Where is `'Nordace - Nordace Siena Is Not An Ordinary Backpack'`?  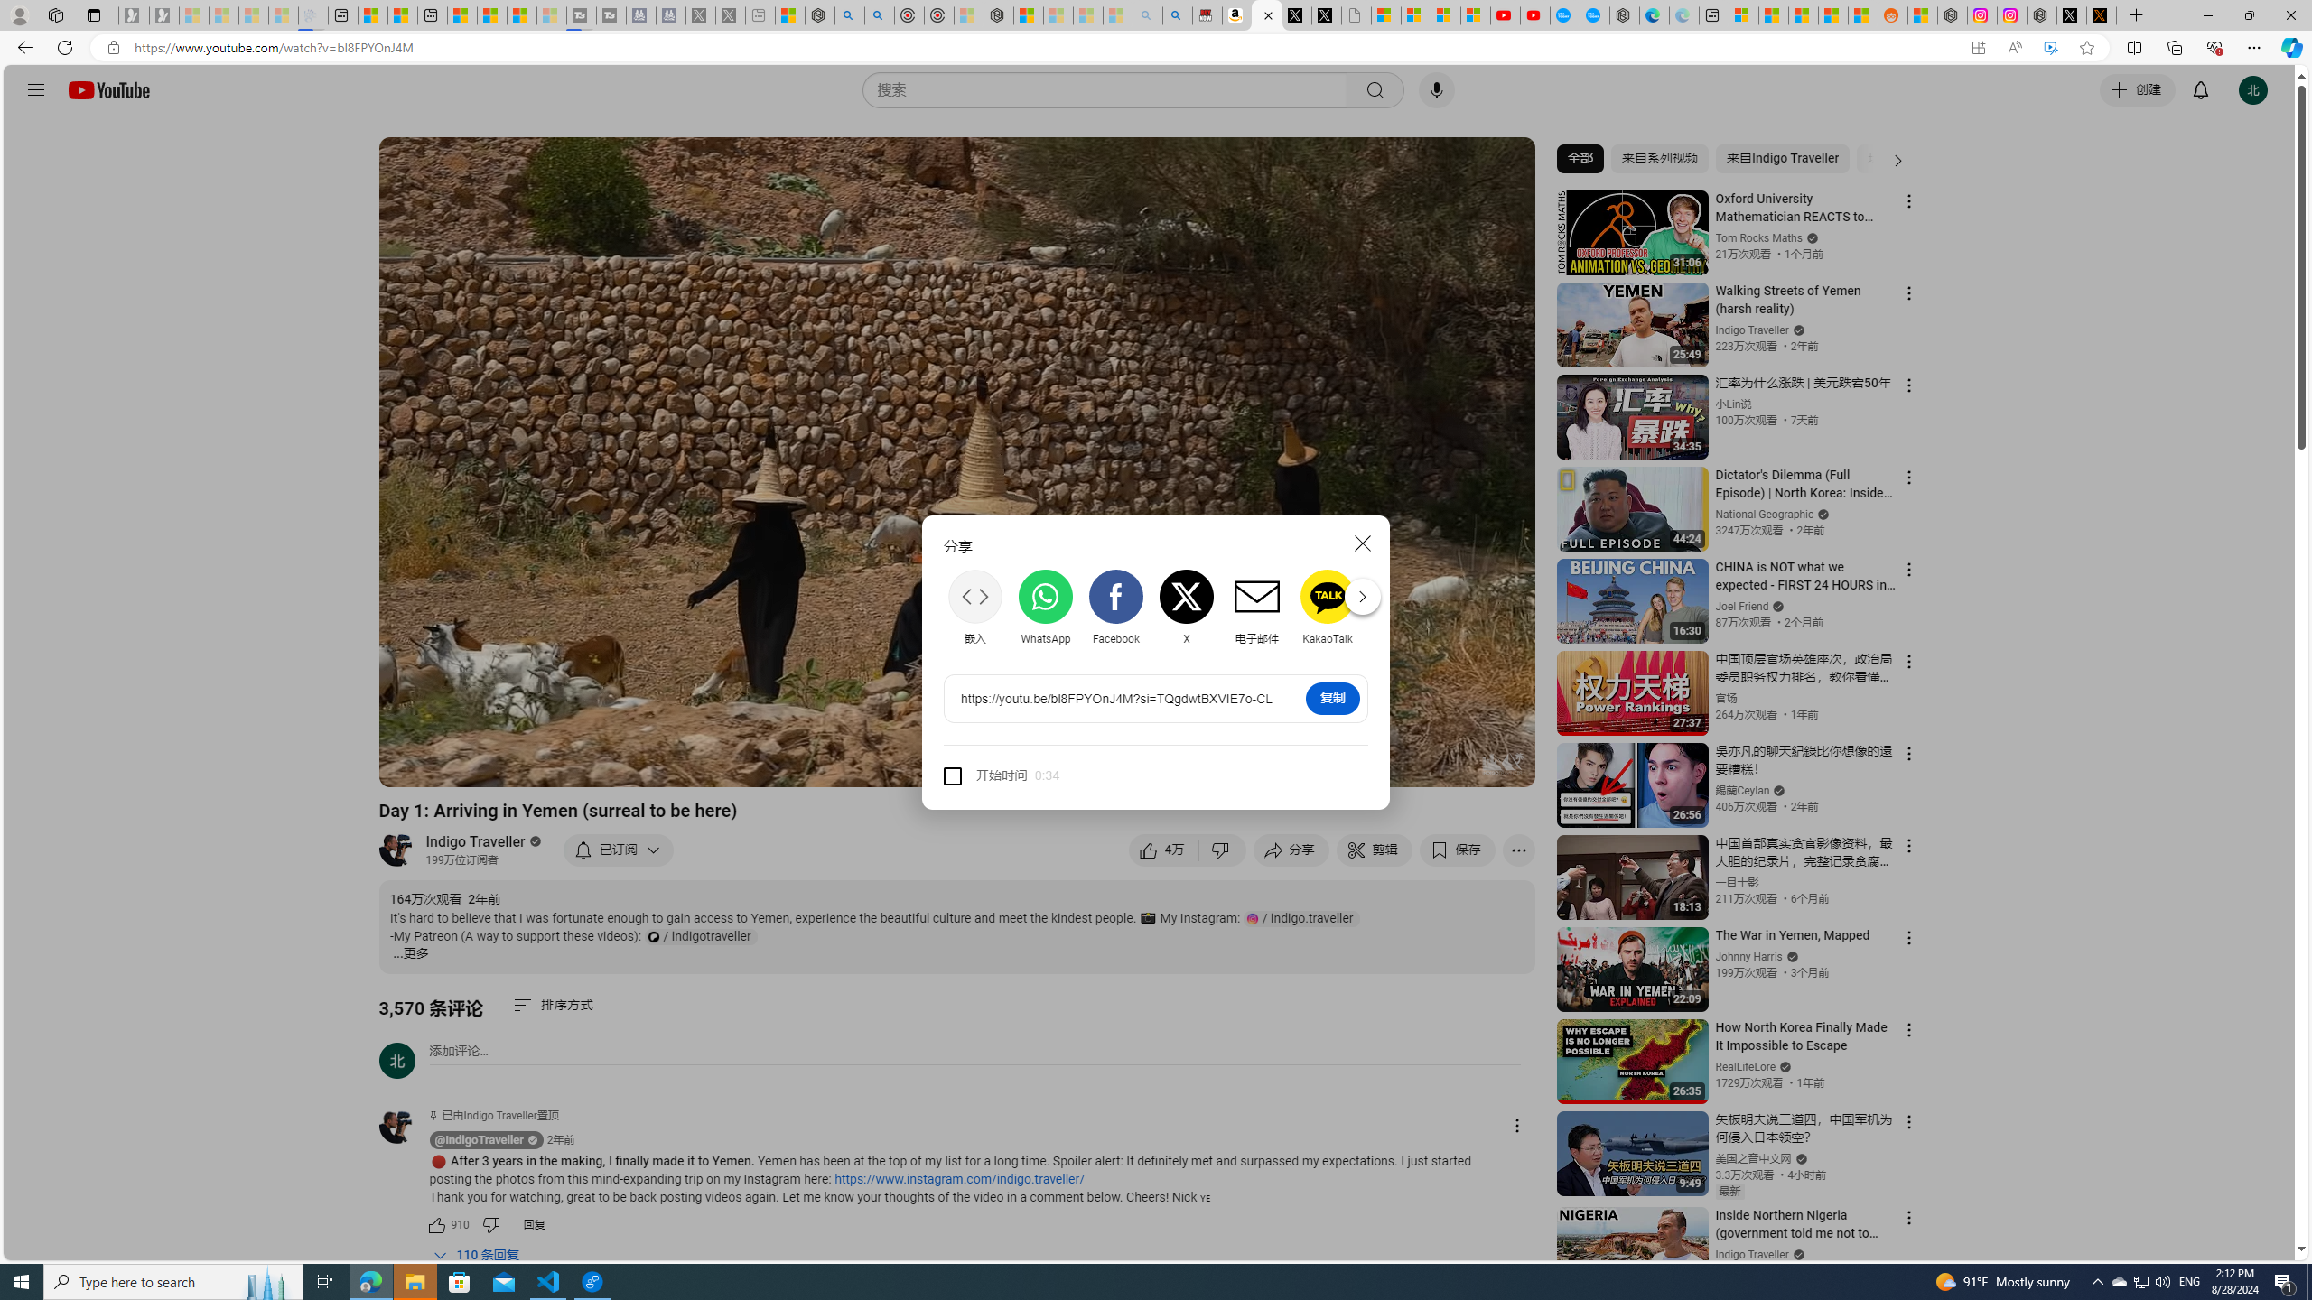
'Nordace - Nordace Siena Is Not An Ordinary Backpack' is located at coordinates (997, 14).